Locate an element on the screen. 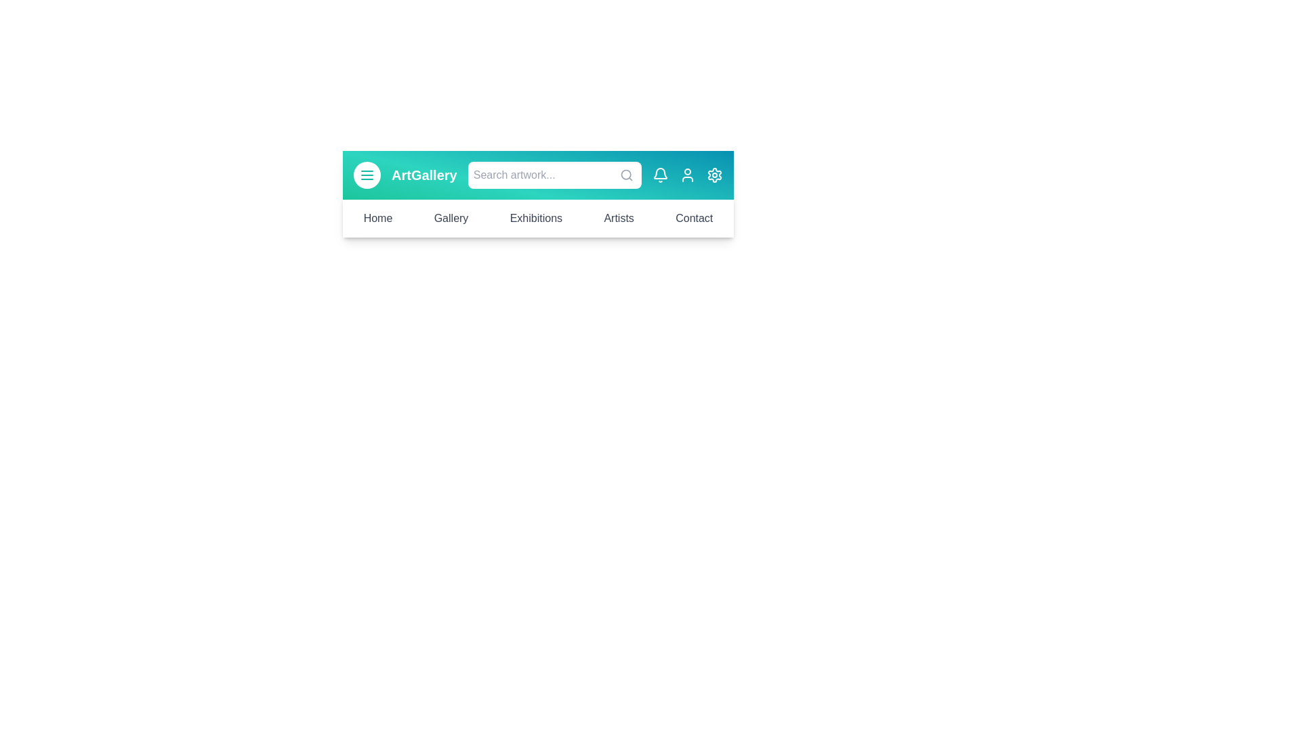 This screenshot has height=731, width=1301. the menu option Gallery to navigate to the corresponding section is located at coordinates (451, 218).